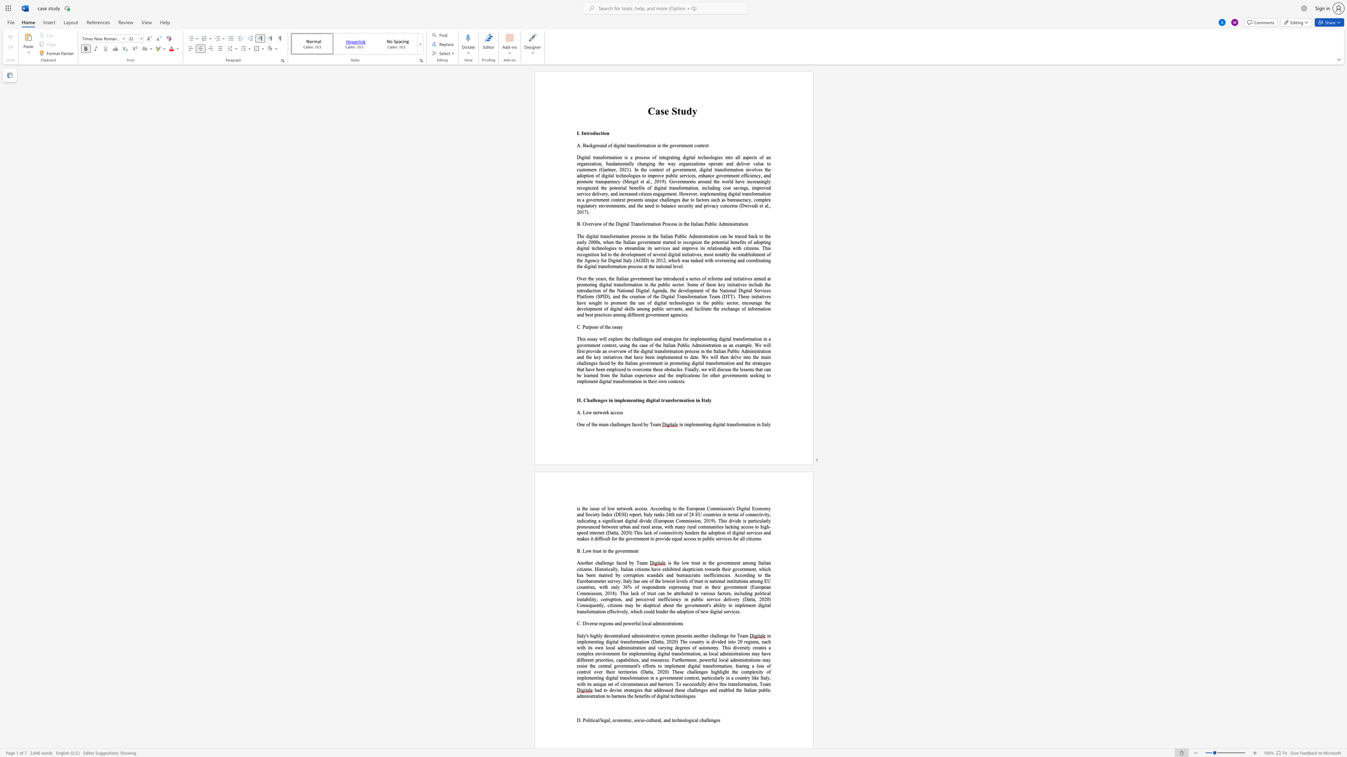 Image resolution: width=1347 pixels, height=757 pixels. What do you see at coordinates (624, 696) in the screenshot?
I see `the subset text "s the benefits of digital techno" within the text "had to devise strategies that addressed these challenges and enabled the Italian public administration to harness the benefits of digital technologies."` at bounding box center [624, 696].